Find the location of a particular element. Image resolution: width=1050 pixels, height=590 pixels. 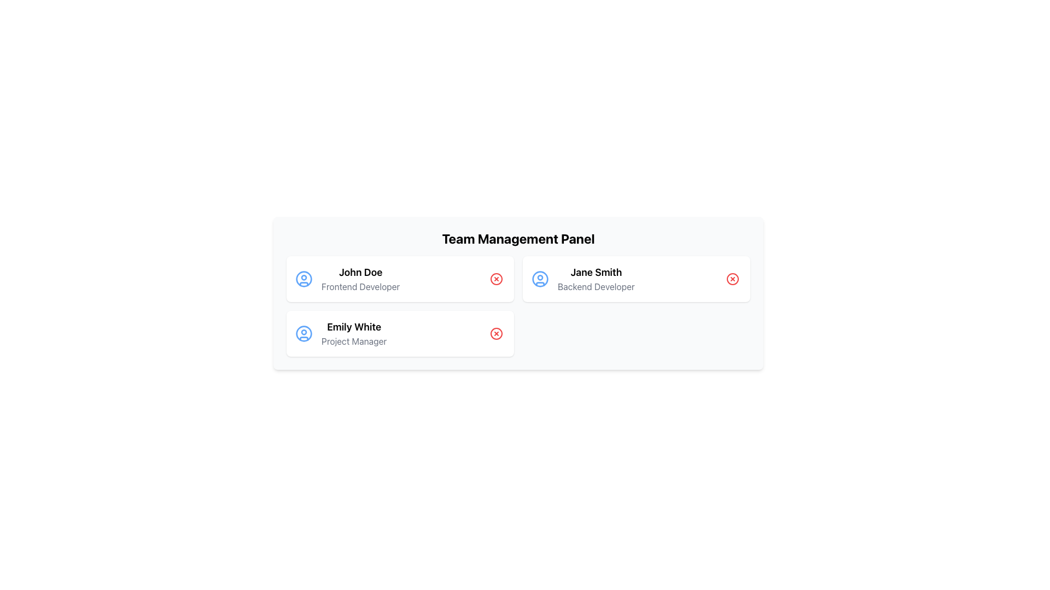

the remove or cancel button located in the third card labeled 'Emily White' in the 'Team Management Panel' interface, positioned to the right side of the card is located at coordinates (495, 333).